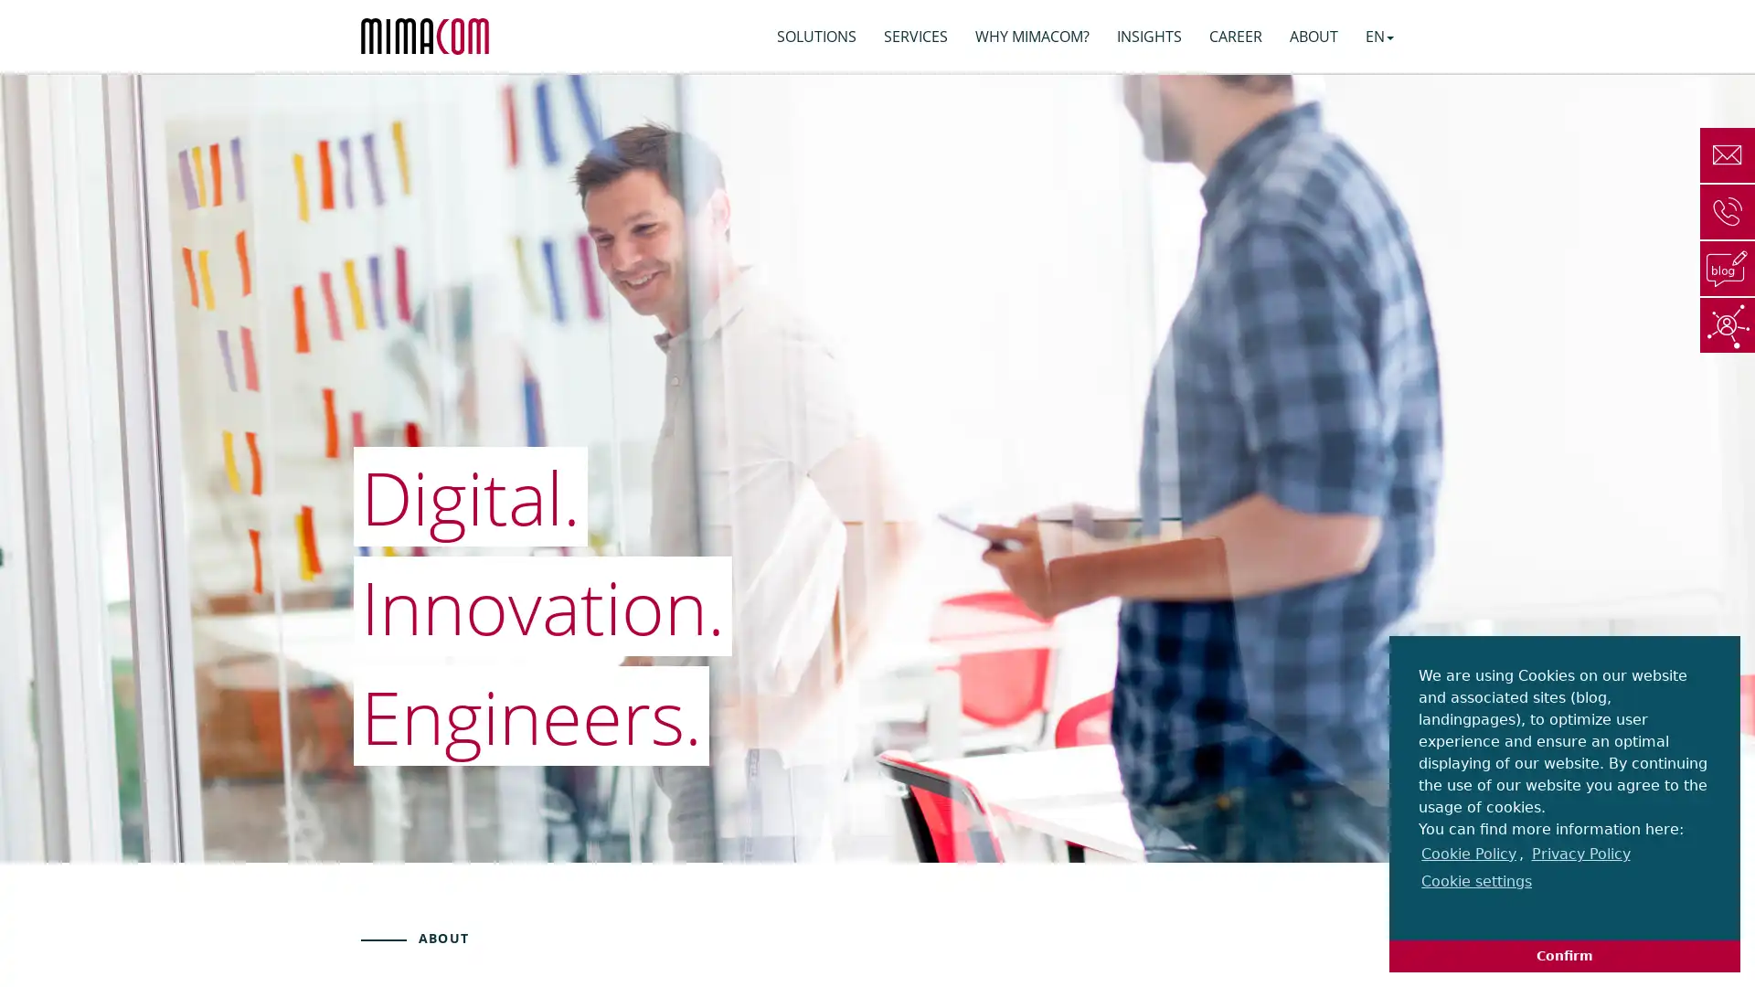 This screenshot has width=1755, height=987. Describe the element at coordinates (1420, 908) in the screenshot. I see `learn more about cookies` at that location.